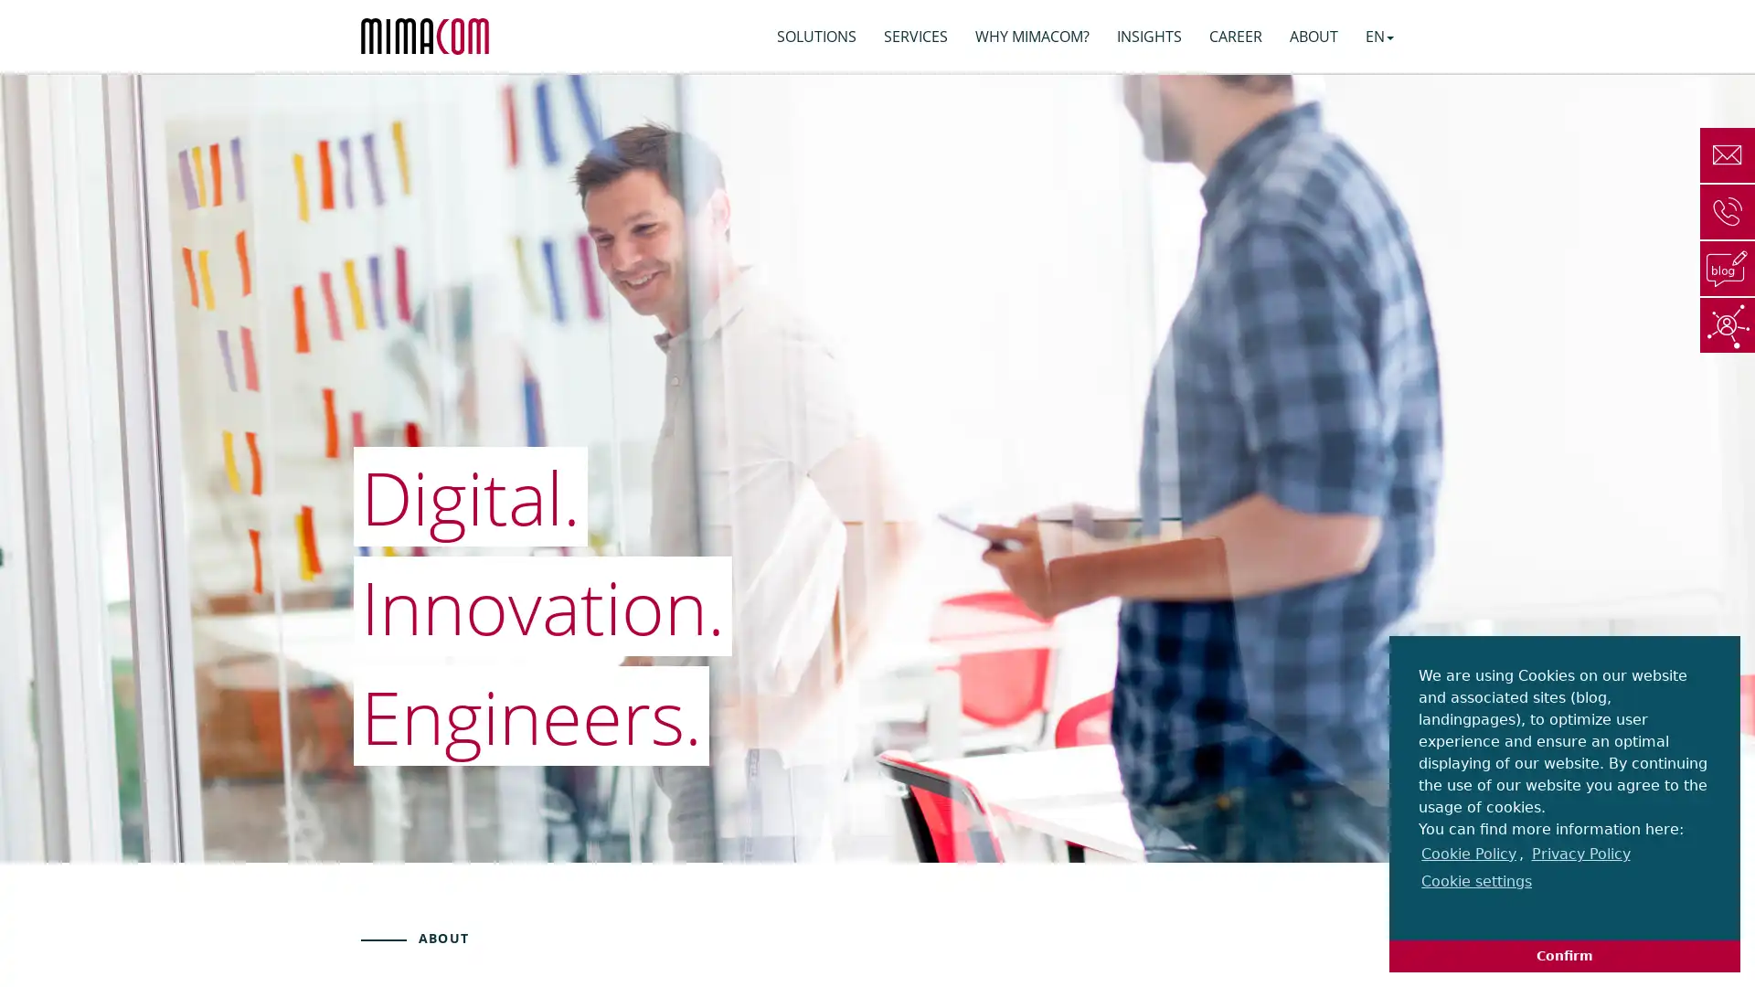 This screenshot has width=1755, height=987. Describe the element at coordinates (1420, 908) in the screenshot. I see `learn more about cookies` at that location.